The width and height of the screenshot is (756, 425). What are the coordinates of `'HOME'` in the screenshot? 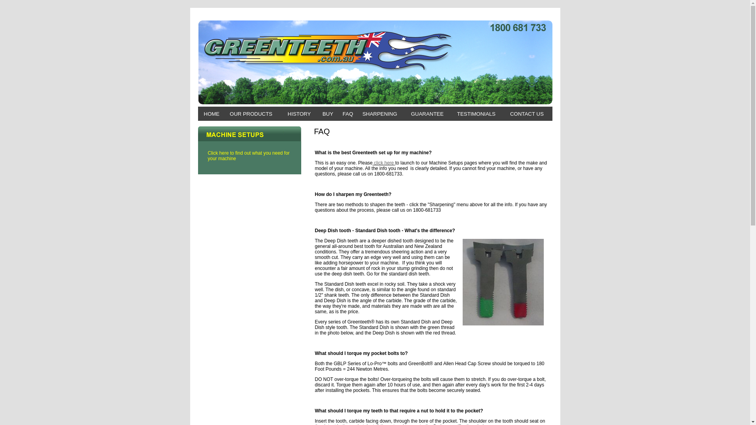 It's located at (211, 114).